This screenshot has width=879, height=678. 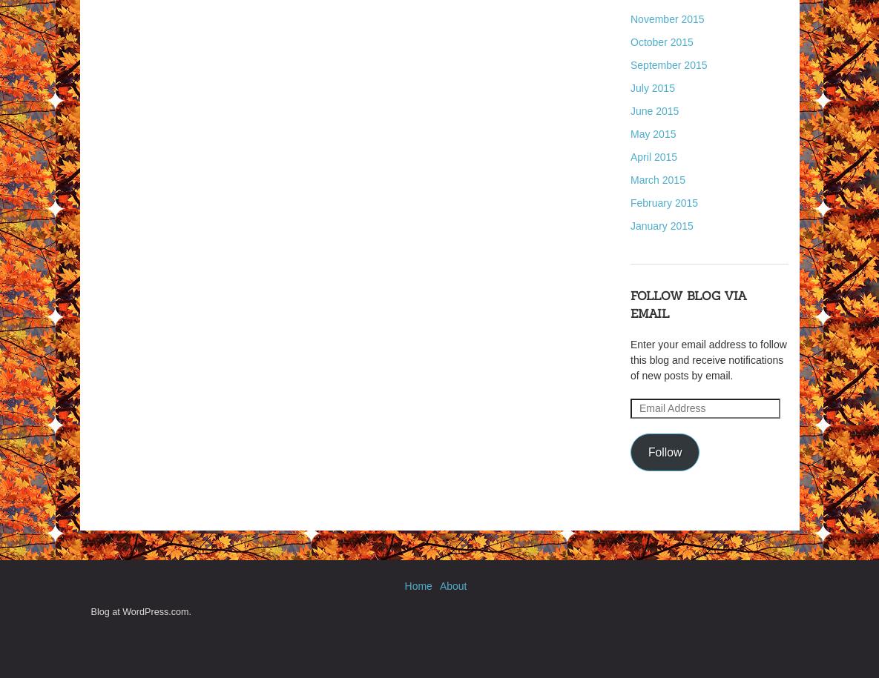 I want to click on 'September 2015', so click(x=630, y=64).